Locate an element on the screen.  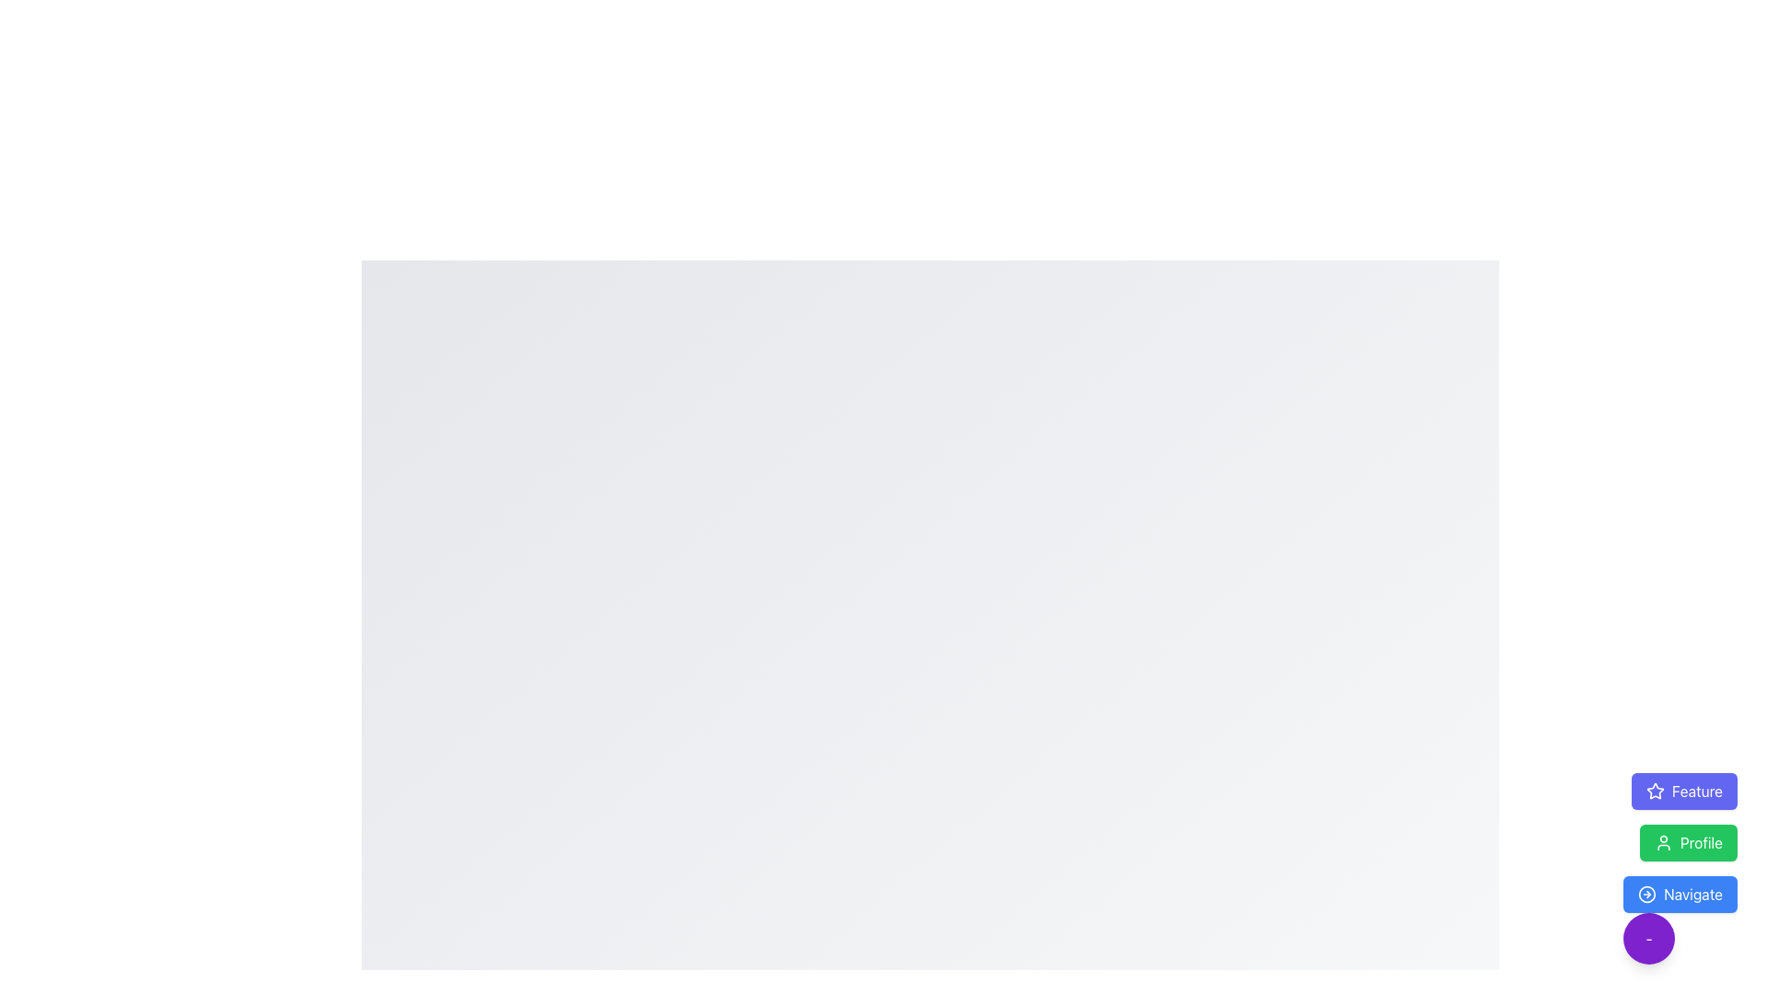
the star-shaped hollow SVG icon located to the left of the 'Feature' button in the vertically aligned button group is located at coordinates (1655, 791).